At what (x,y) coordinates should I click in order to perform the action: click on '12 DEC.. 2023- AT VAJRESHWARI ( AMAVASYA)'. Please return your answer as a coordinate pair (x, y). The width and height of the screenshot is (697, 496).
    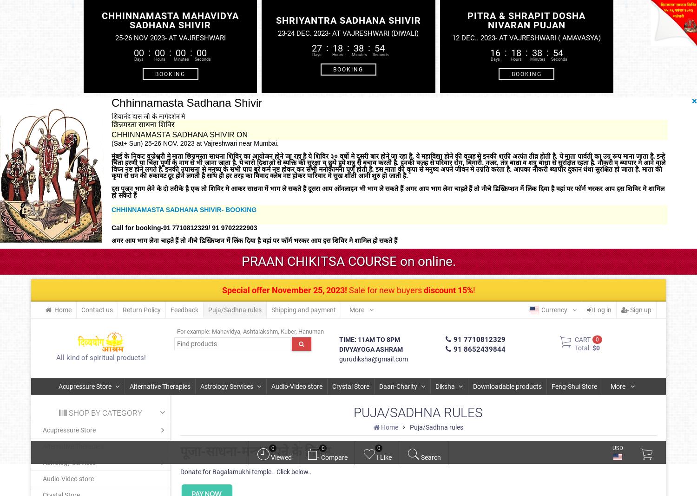
    Looking at the image, I should click on (526, 37).